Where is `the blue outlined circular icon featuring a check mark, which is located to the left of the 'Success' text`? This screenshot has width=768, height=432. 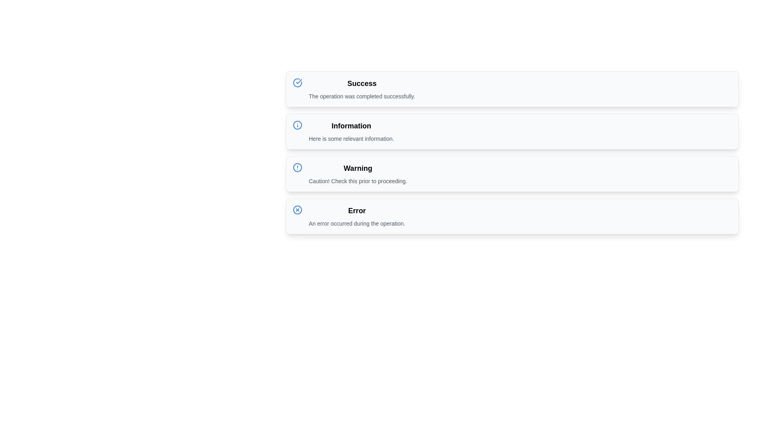
the blue outlined circular icon featuring a check mark, which is located to the left of the 'Success' text is located at coordinates (297, 83).